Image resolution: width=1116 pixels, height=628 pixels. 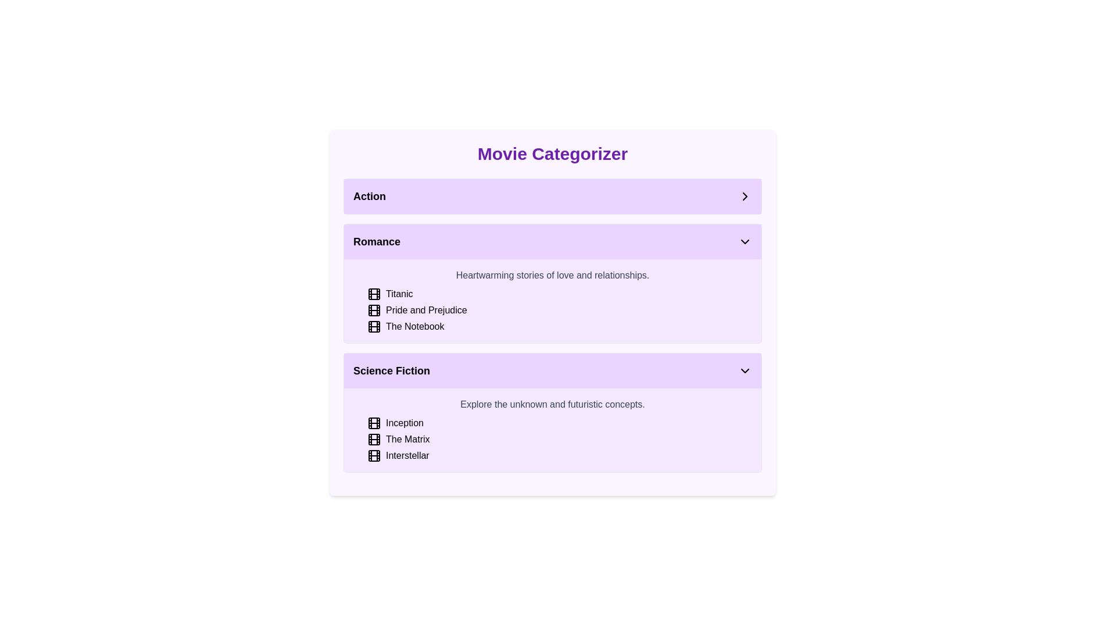 What do you see at coordinates (374, 309) in the screenshot?
I see `the decorative film category icon in the 'Romance' section preceding the title 'Pride and Prejudice'` at bounding box center [374, 309].